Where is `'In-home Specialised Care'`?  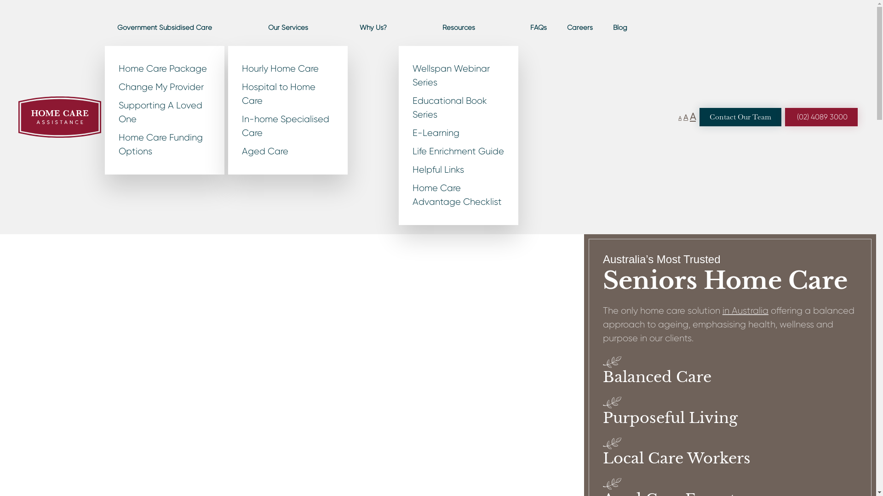 'In-home Specialised Care' is located at coordinates (287, 126).